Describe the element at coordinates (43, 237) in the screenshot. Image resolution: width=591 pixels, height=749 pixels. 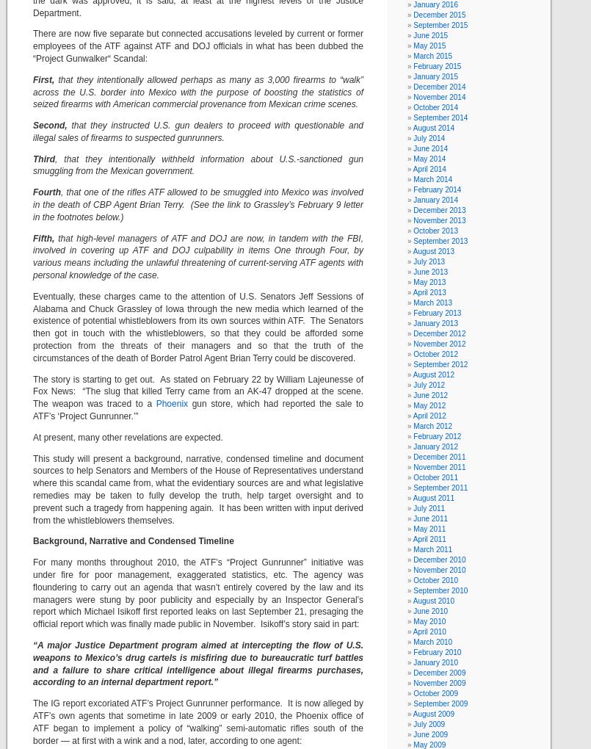
I see `'Fifth,'` at that location.